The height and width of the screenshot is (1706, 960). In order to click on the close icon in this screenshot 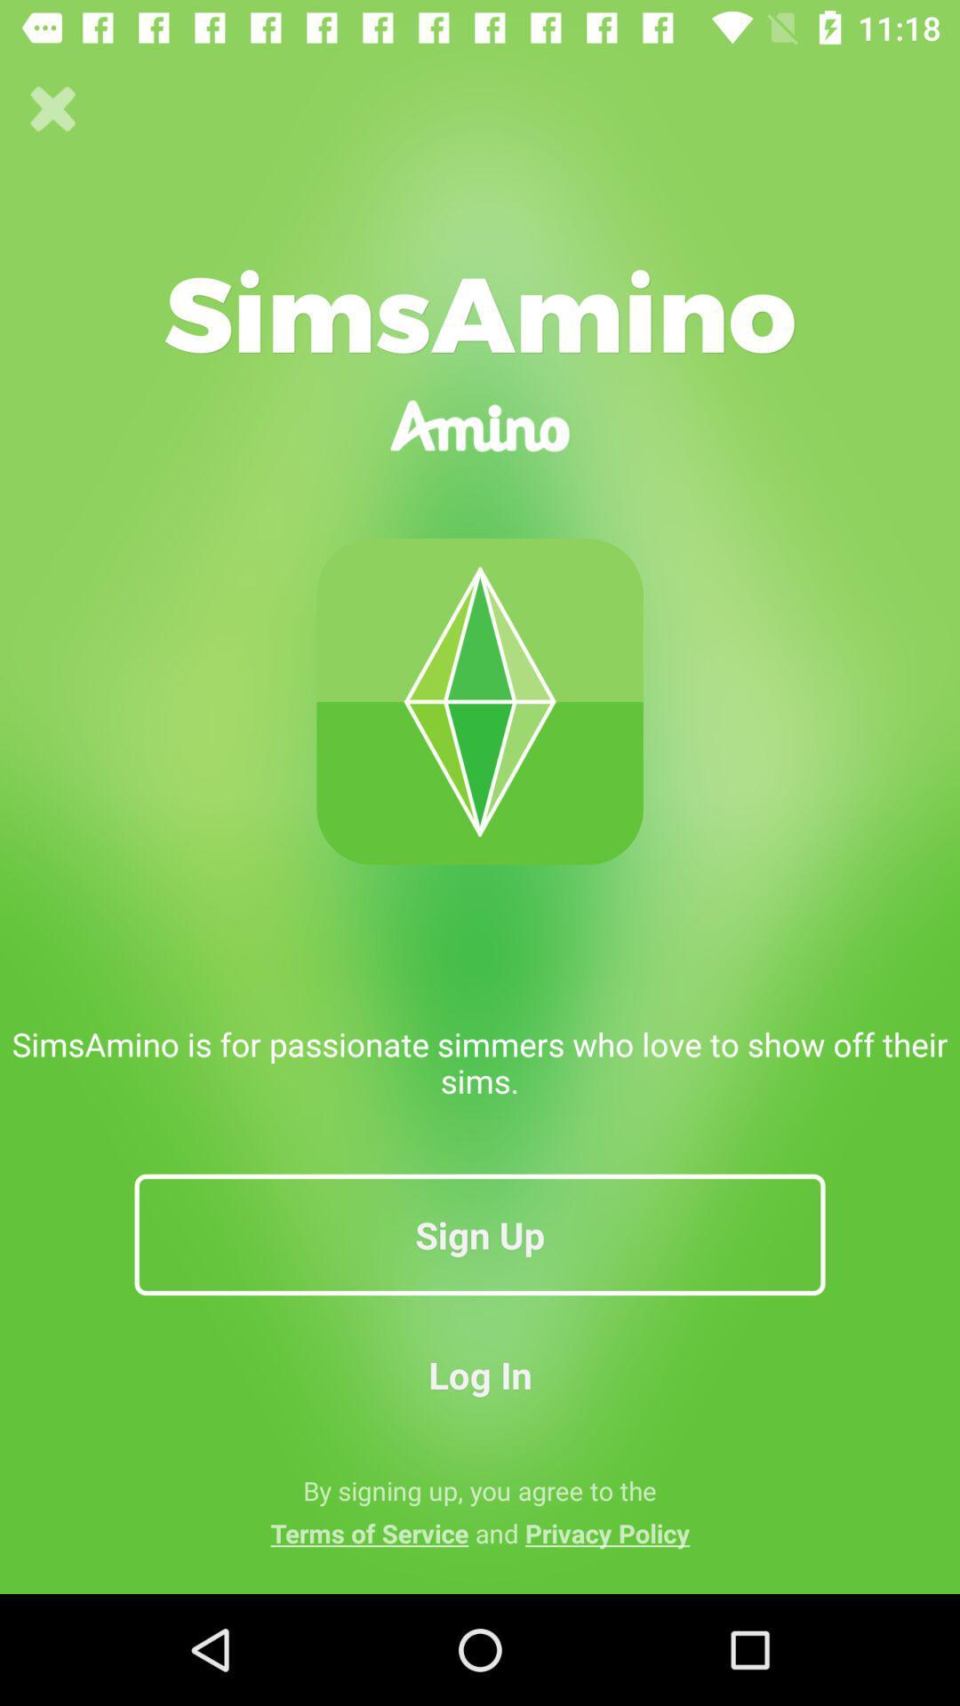, I will do `click(52, 108)`.